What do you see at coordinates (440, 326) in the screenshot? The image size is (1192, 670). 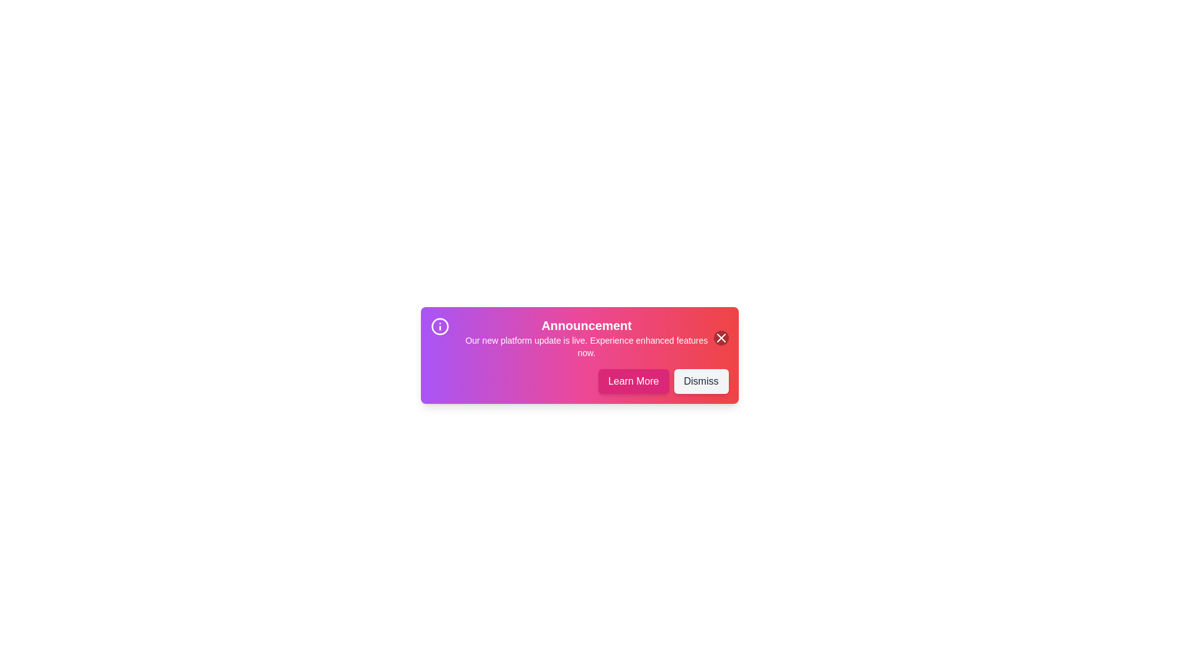 I see `the information icon to view its tooltip` at bounding box center [440, 326].